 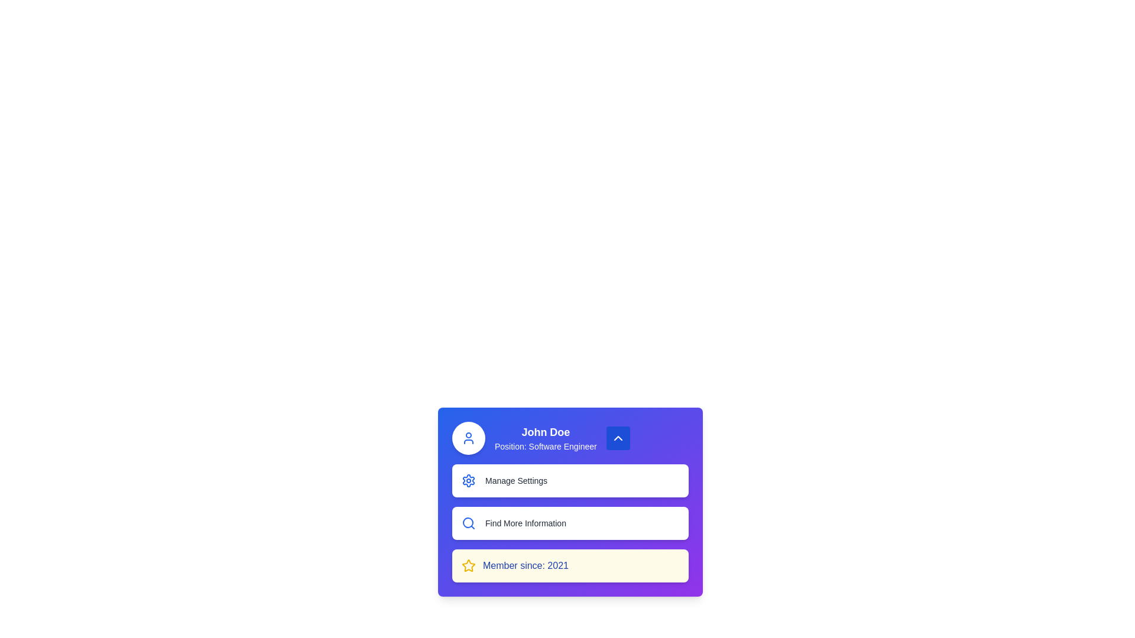 What do you see at coordinates (468, 565) in the screenshot?
I see `the star icon that indicates user status, which is located to the left of the 'Member since: 2021' text` at bounding box center [468, 565].